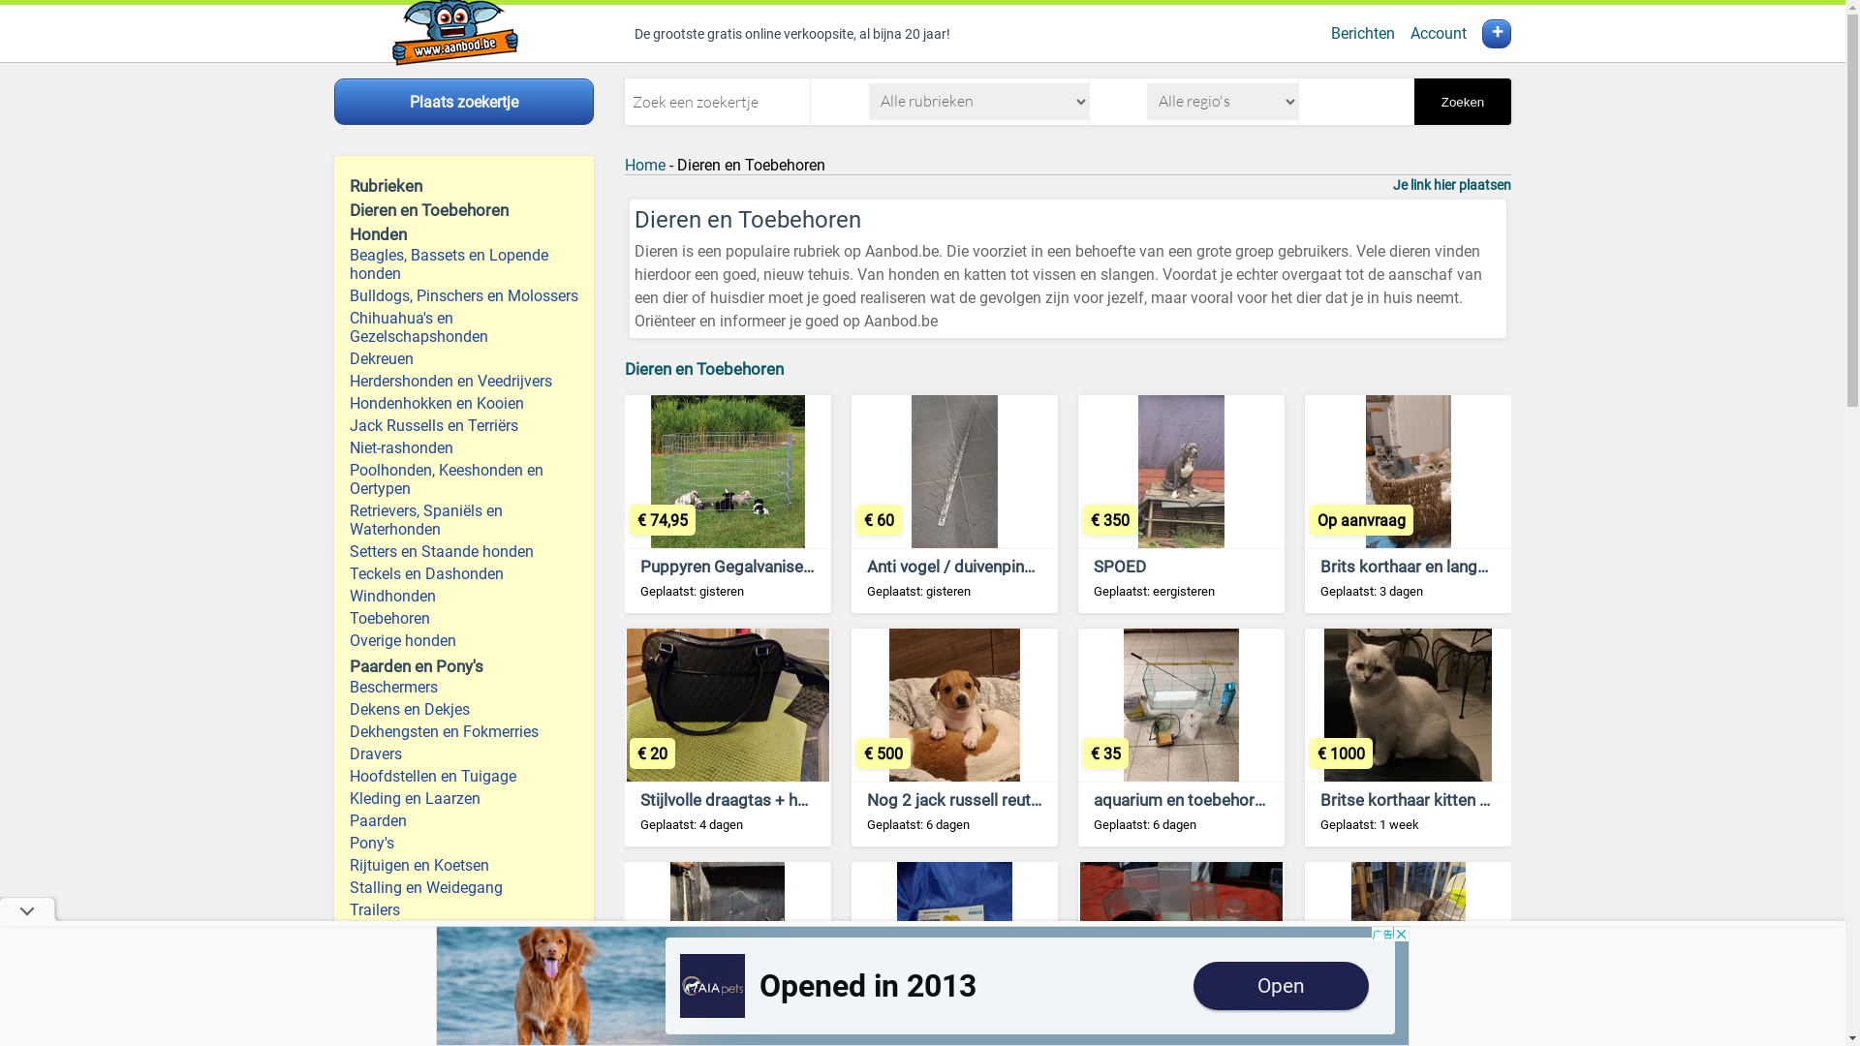  Describe the element at coordinates (349, 572) in the screenshot. I see `'Teckels en Dashonden'` at that location.